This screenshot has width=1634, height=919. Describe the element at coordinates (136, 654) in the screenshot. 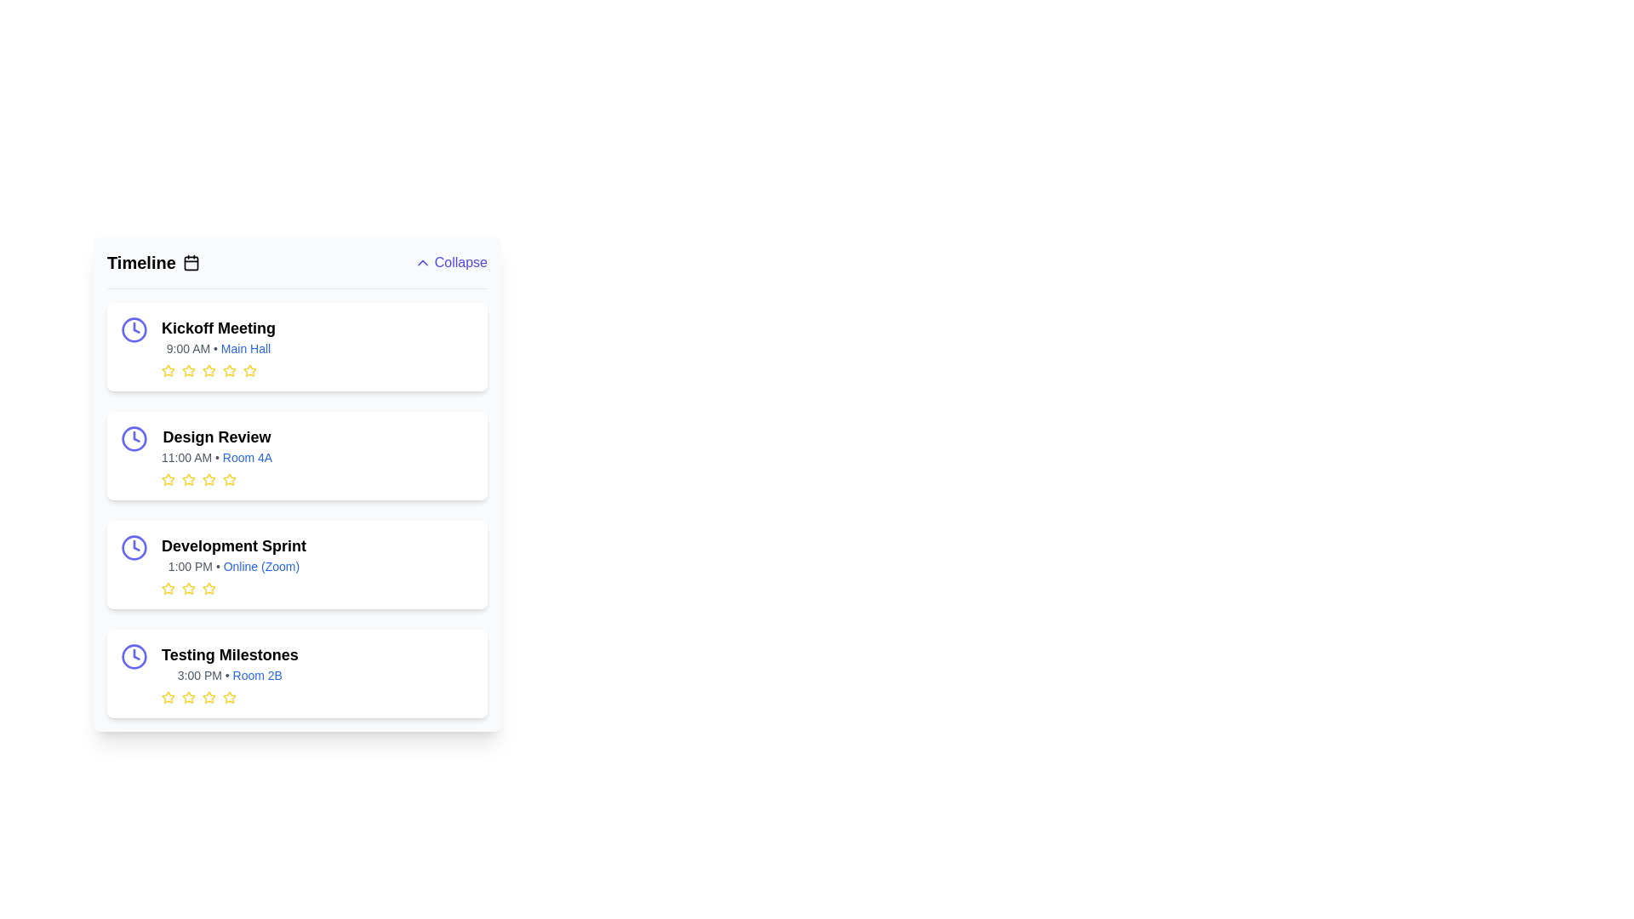

I see `the triangular shape within the clock icon, which serves as a key visual component indicating the clock hands` at that location.